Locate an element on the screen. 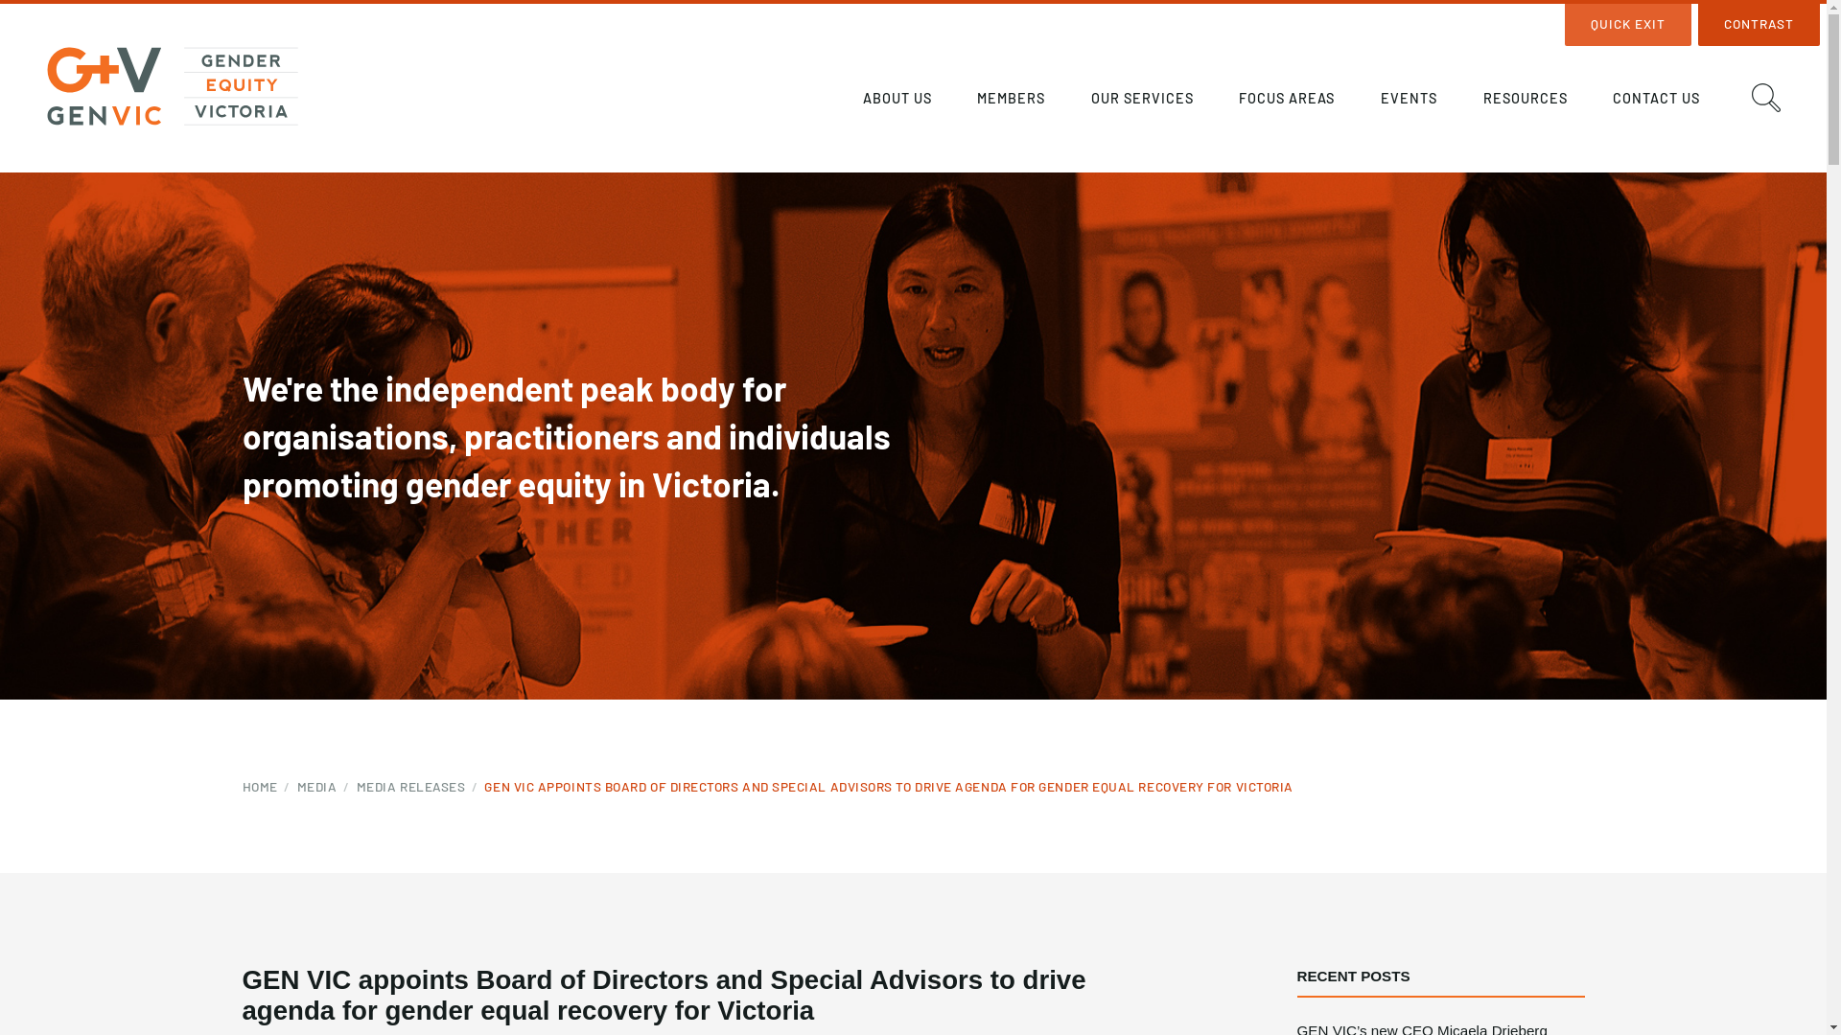 The width and height of the screenshot is (1841, 1035). 'ABOUT US' is located at coordinates (842, 101).